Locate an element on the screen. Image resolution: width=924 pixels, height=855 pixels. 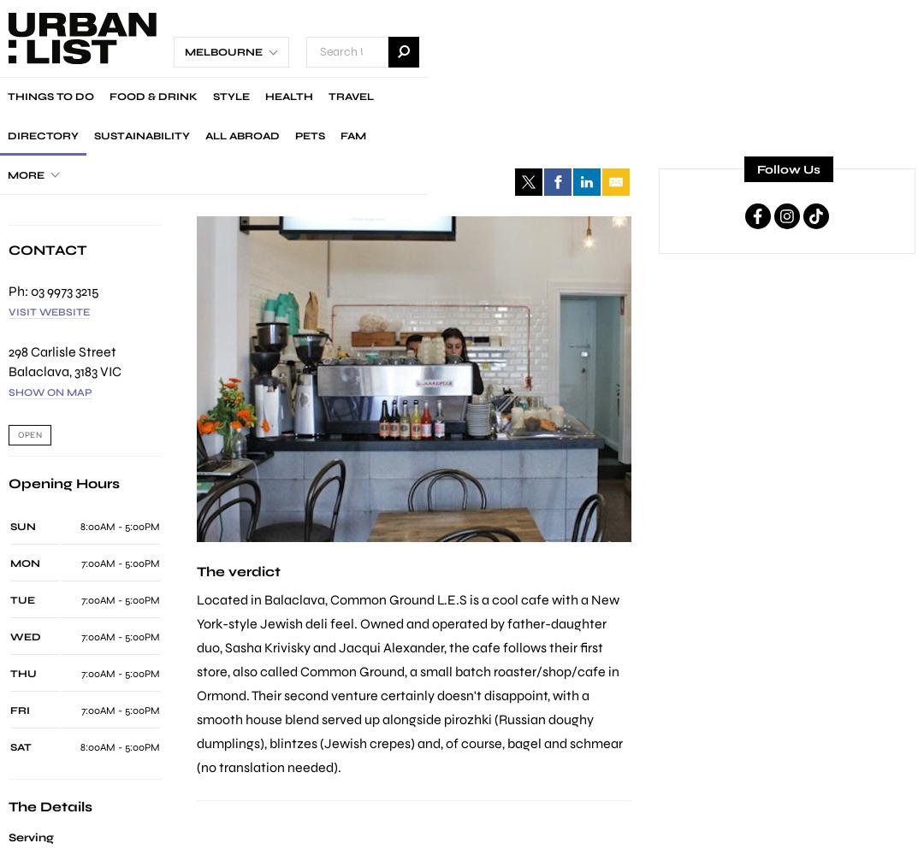
',' is located at coordinates (71, 370).